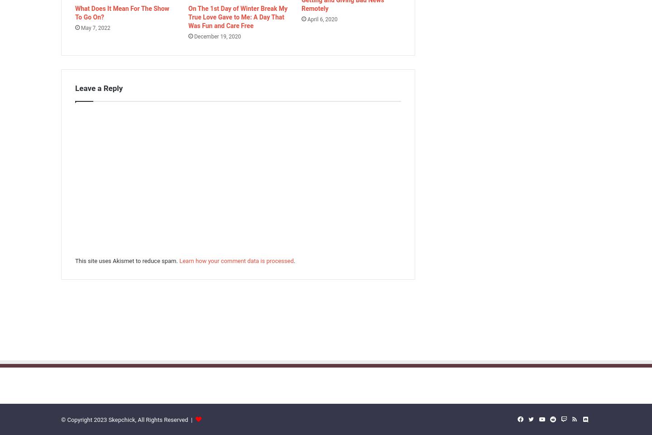 This screenshot has width=652, height=435. I want to click on 'April 6, 2020', so click(322, 19).